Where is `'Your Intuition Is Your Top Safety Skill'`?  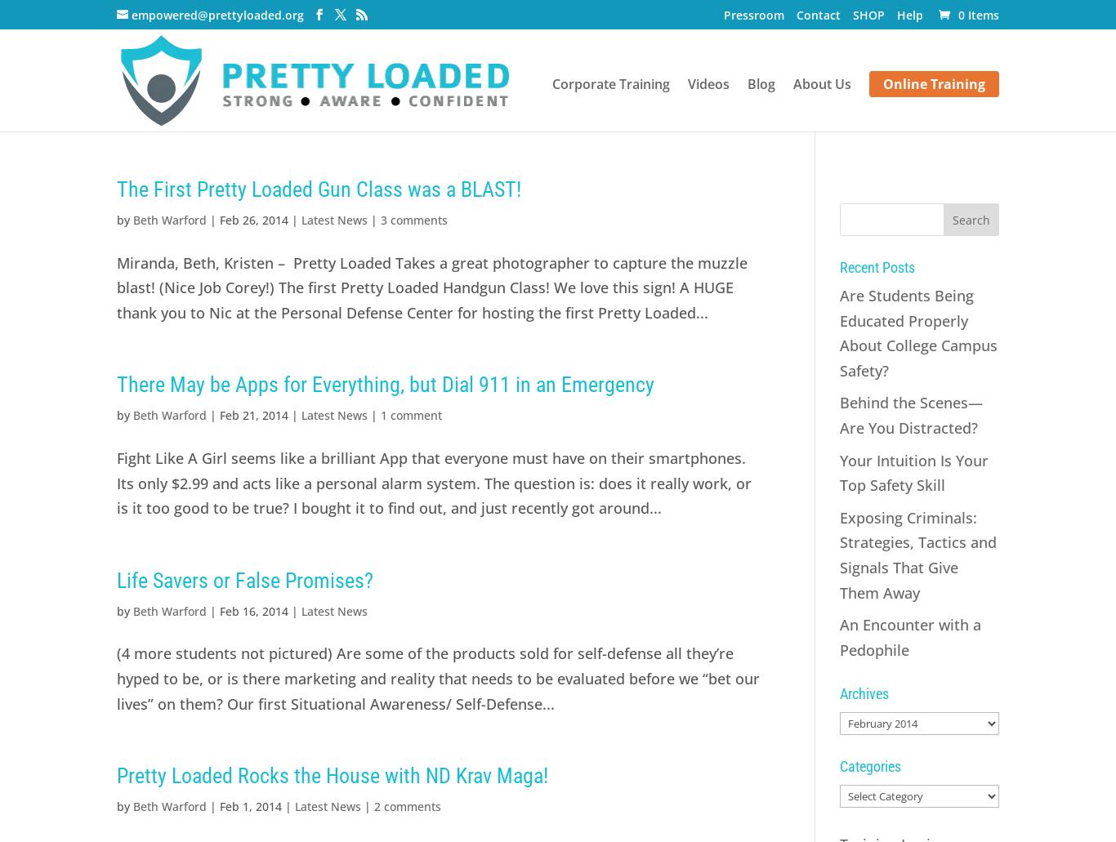
'Your Intuition Is Your Top Safety Skill' is located at coordinates (912, 471).